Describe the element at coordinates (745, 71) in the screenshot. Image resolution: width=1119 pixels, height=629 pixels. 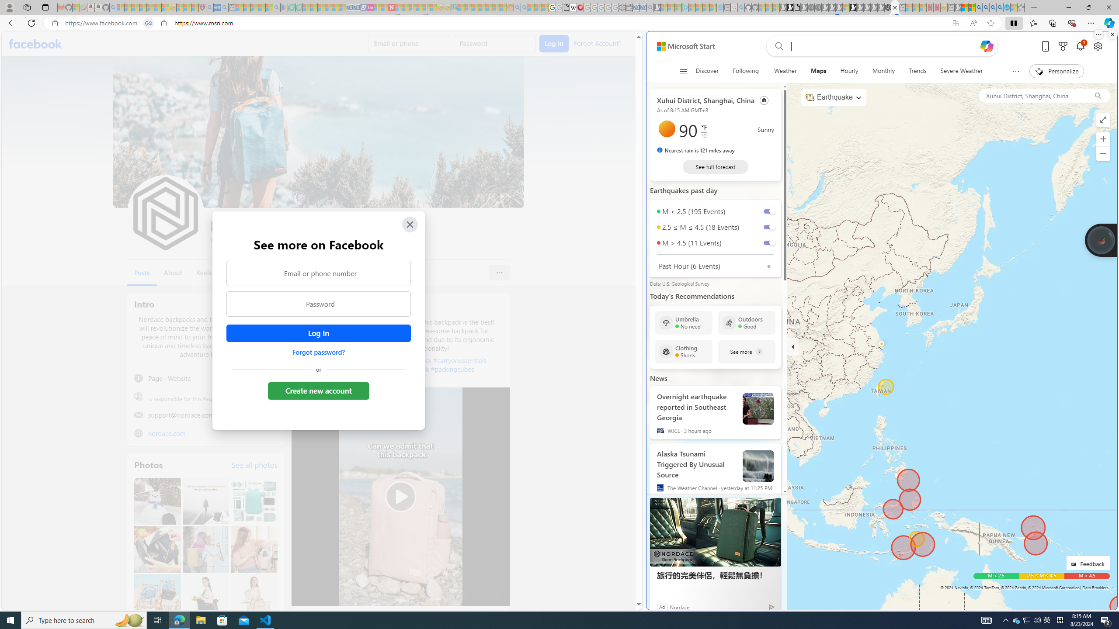
I see `'Following'` at that location.